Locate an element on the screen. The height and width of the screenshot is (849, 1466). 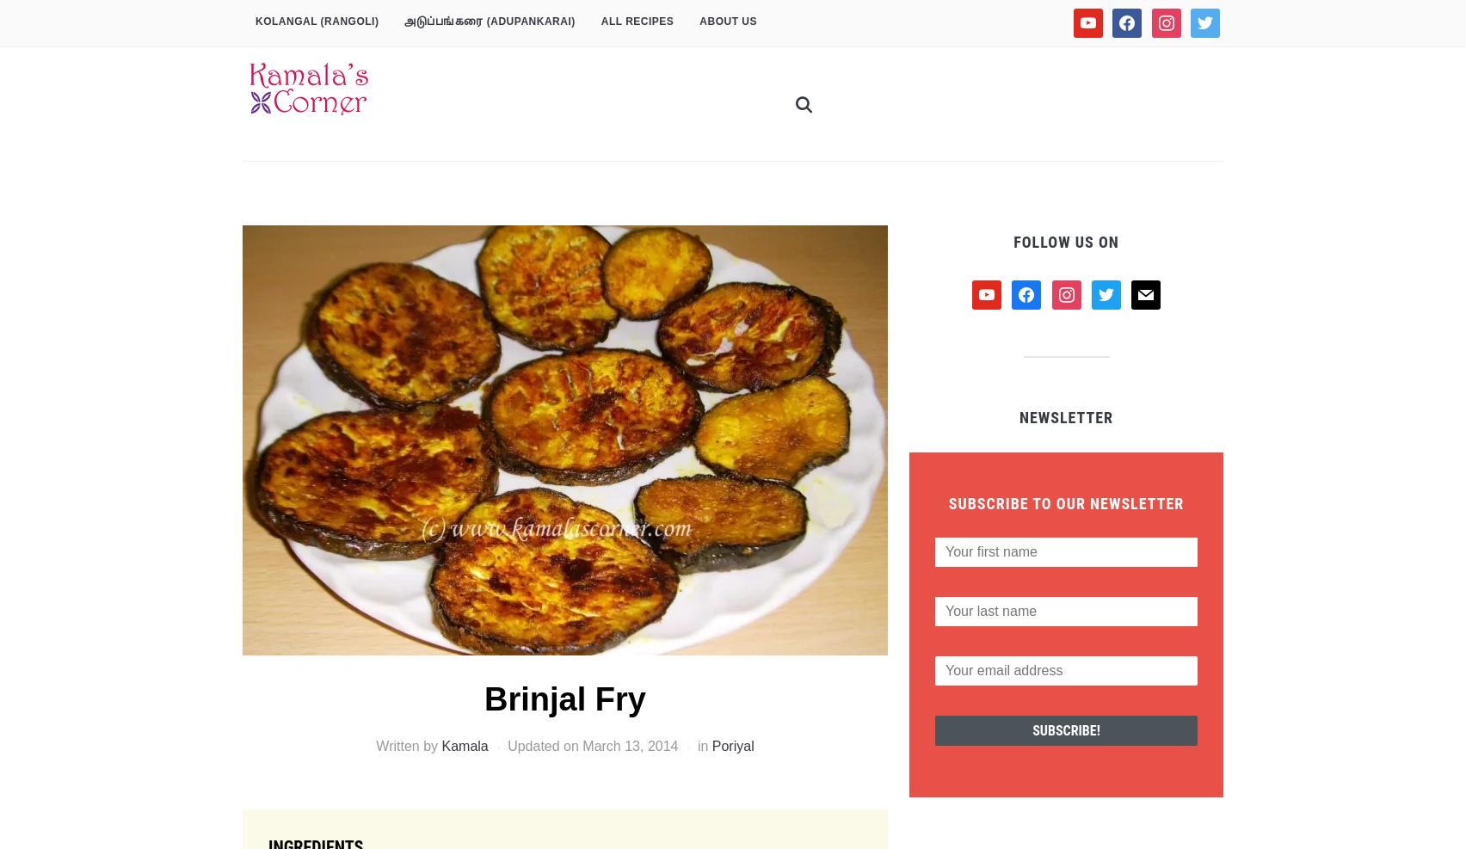
'November 18, 2013 at 2:22 pm' is located at coordinates (468, 745).